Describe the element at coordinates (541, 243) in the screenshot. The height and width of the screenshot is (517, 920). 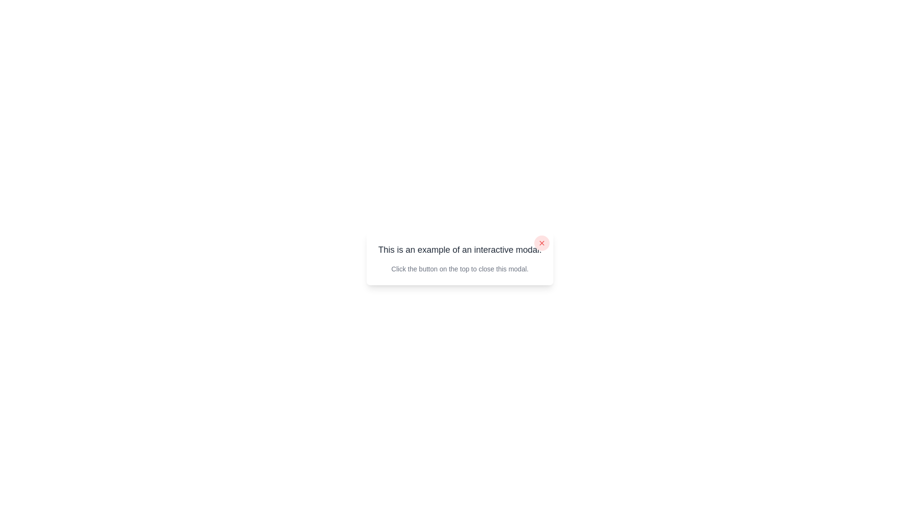
I see `the close button located at the top-right corner of the modal window` at that location.